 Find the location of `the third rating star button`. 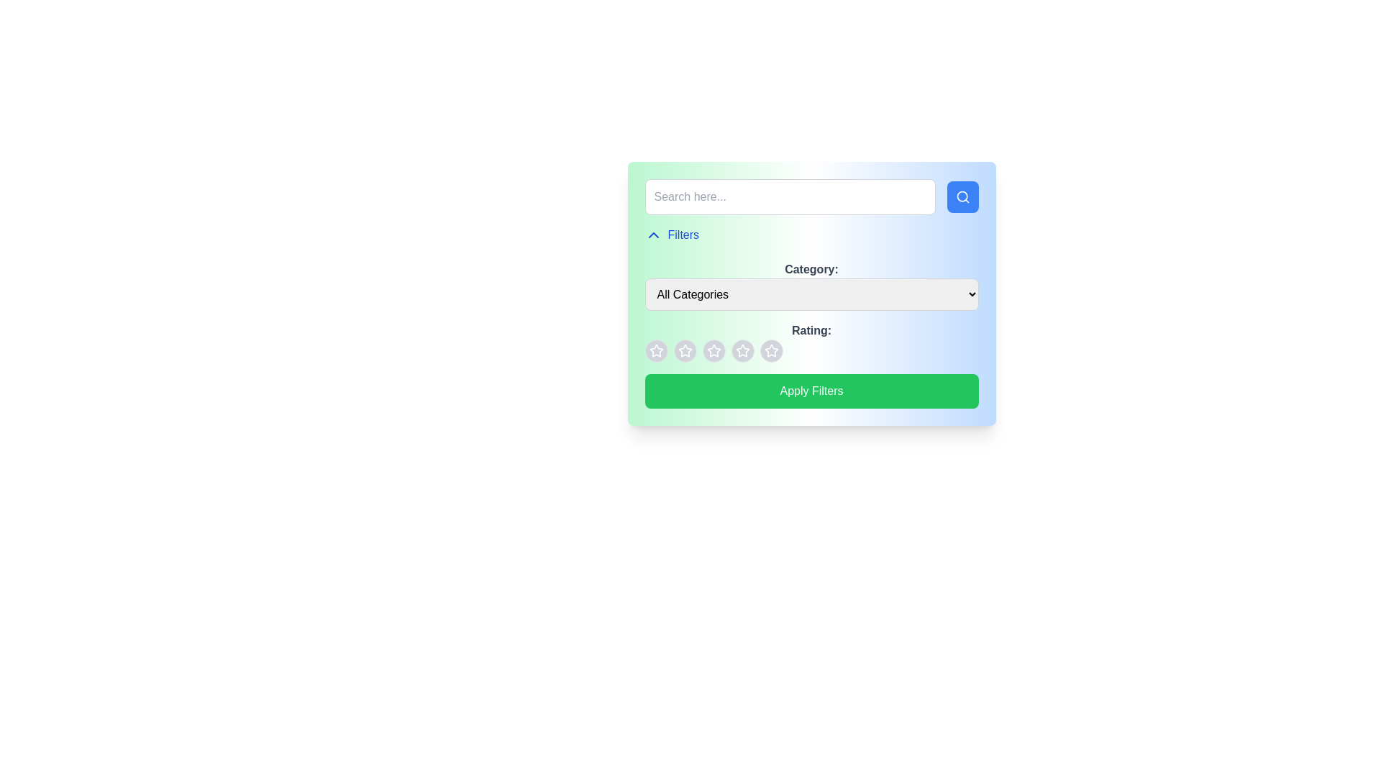

the third rating star button is located at coordinates (714, 351).